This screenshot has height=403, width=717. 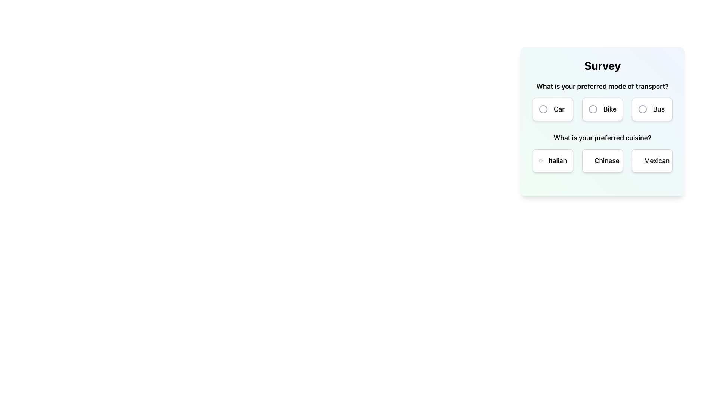 I want to click on the 'Mexican' button, which is a rectangular button with rounded corners located in the bottom section of the card titled 'What is your preferred cuisine?', so click(x=652, y=160).